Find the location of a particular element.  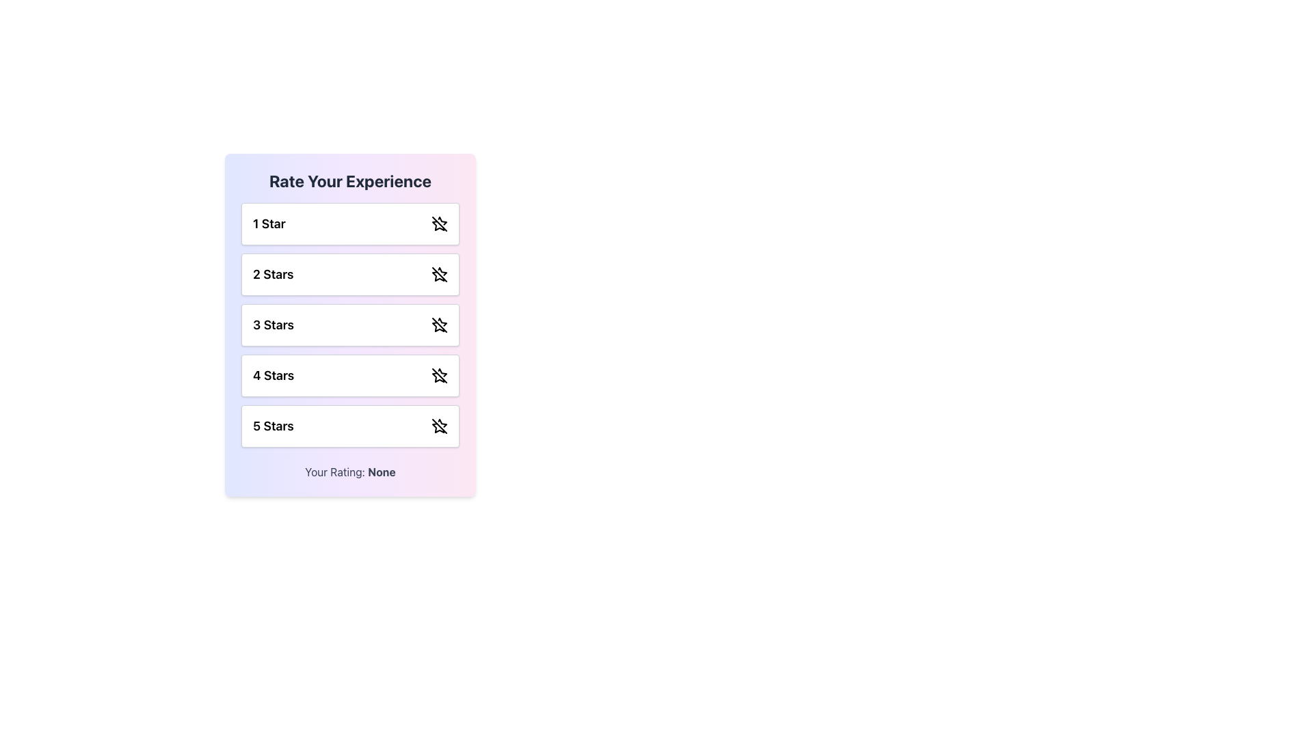

the third rating option button for three stars in the user feedback section is located at coordinates (350, 325).